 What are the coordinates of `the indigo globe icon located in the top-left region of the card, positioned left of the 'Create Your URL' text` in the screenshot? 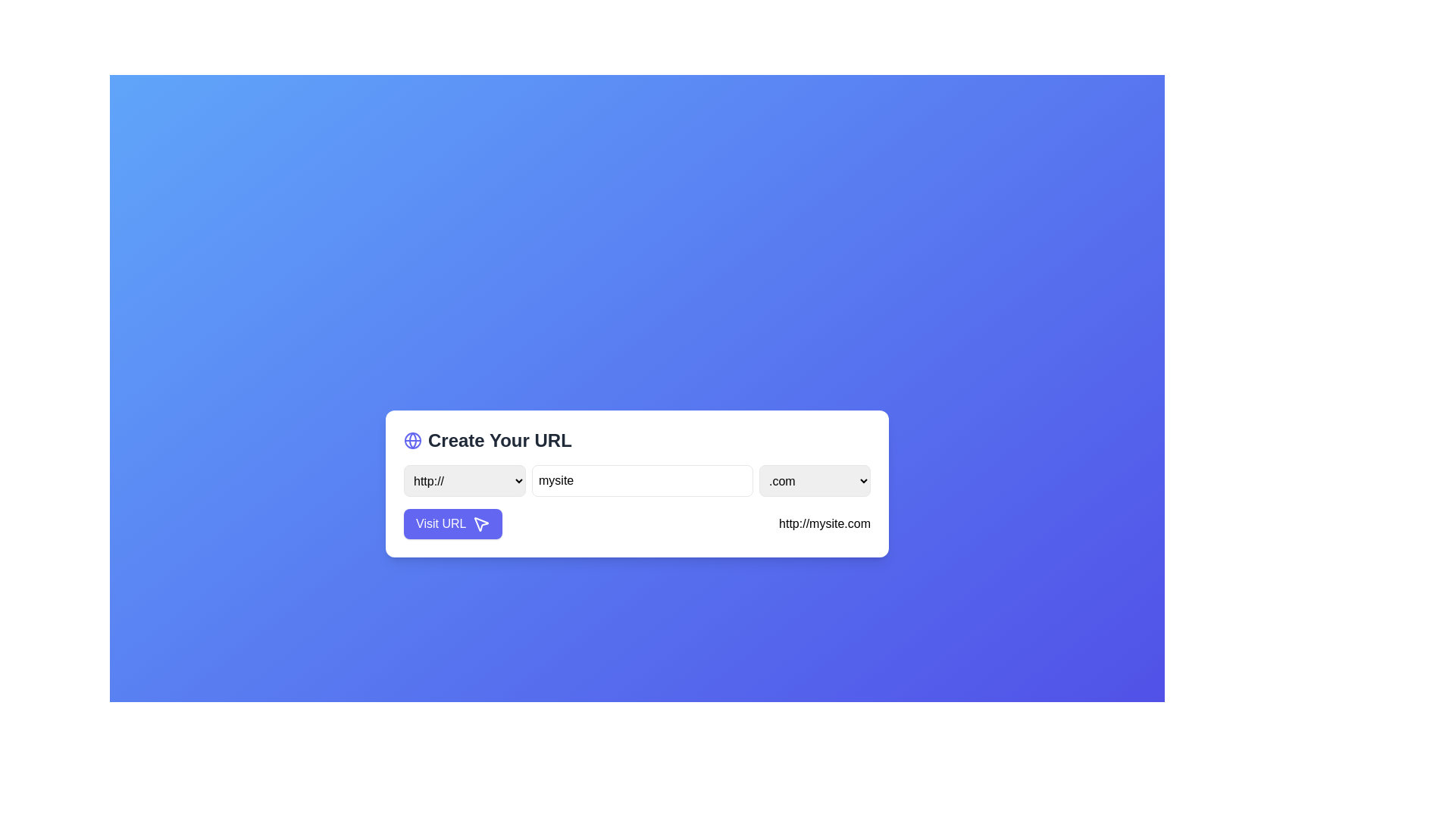 It's located at (413, 441).